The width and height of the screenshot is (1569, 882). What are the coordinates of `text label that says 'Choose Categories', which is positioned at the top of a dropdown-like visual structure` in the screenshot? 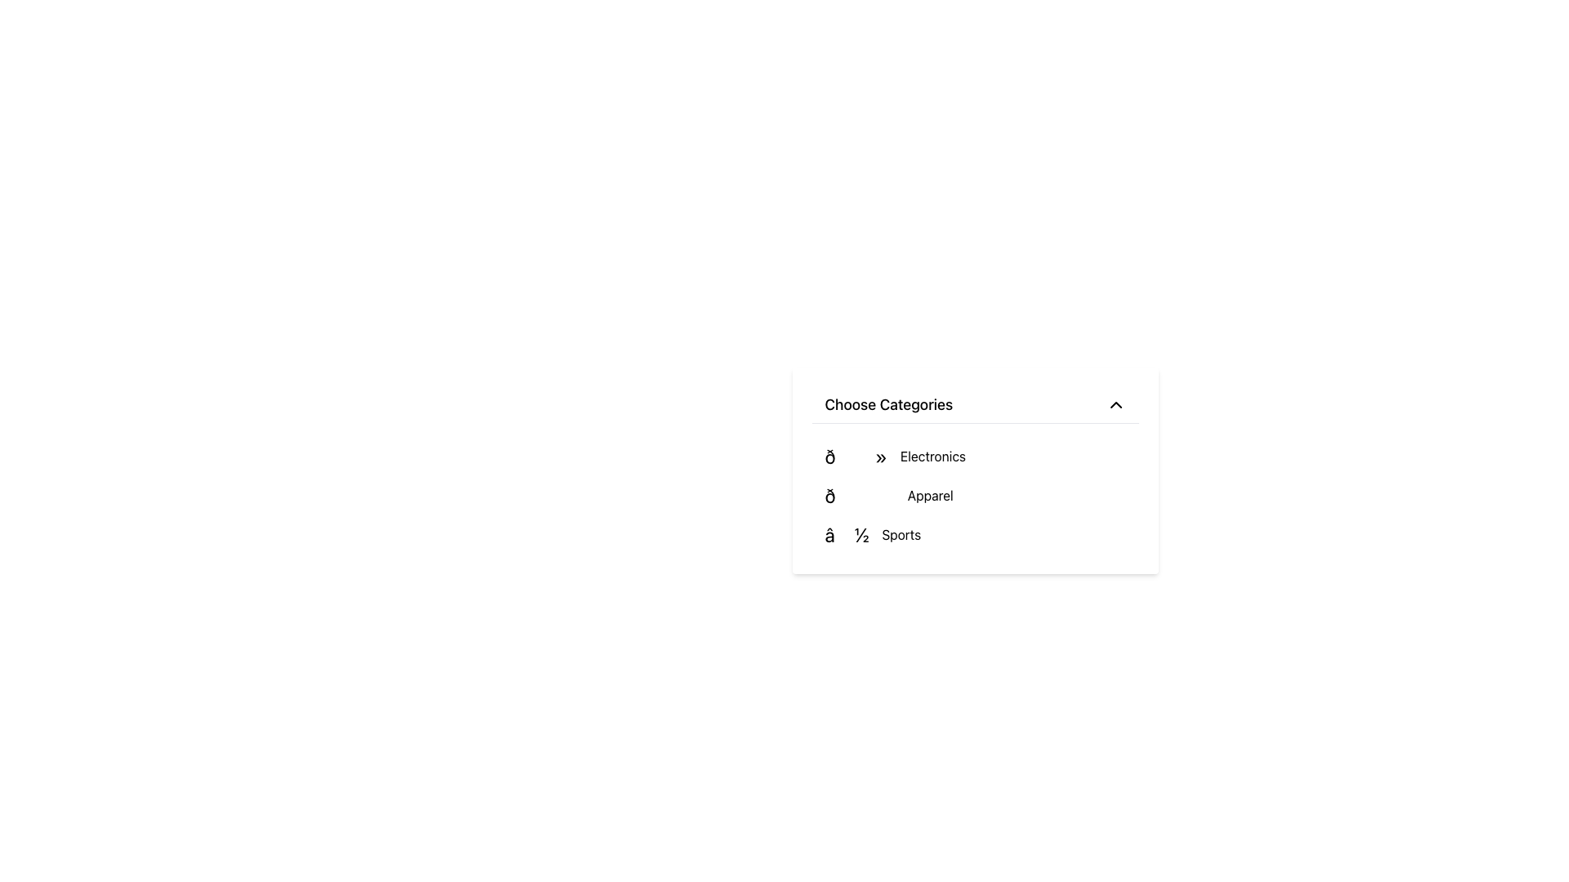 It's located at (887, 404).